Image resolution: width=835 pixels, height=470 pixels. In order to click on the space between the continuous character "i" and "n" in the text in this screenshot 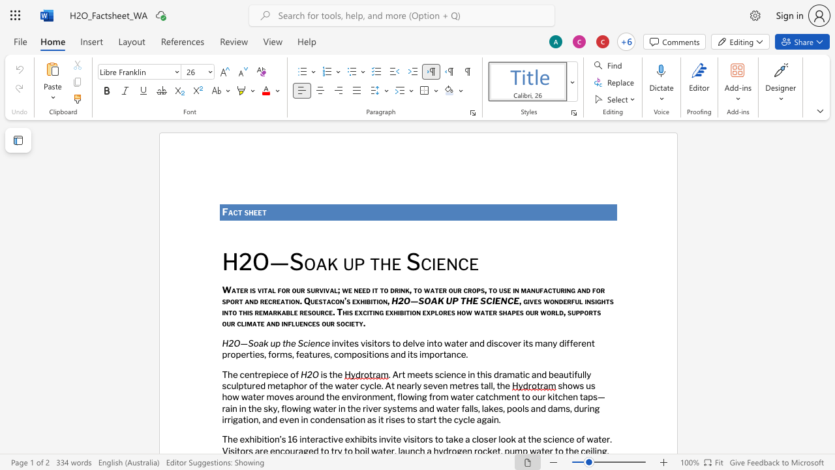, I will do `click(283, 323)`.